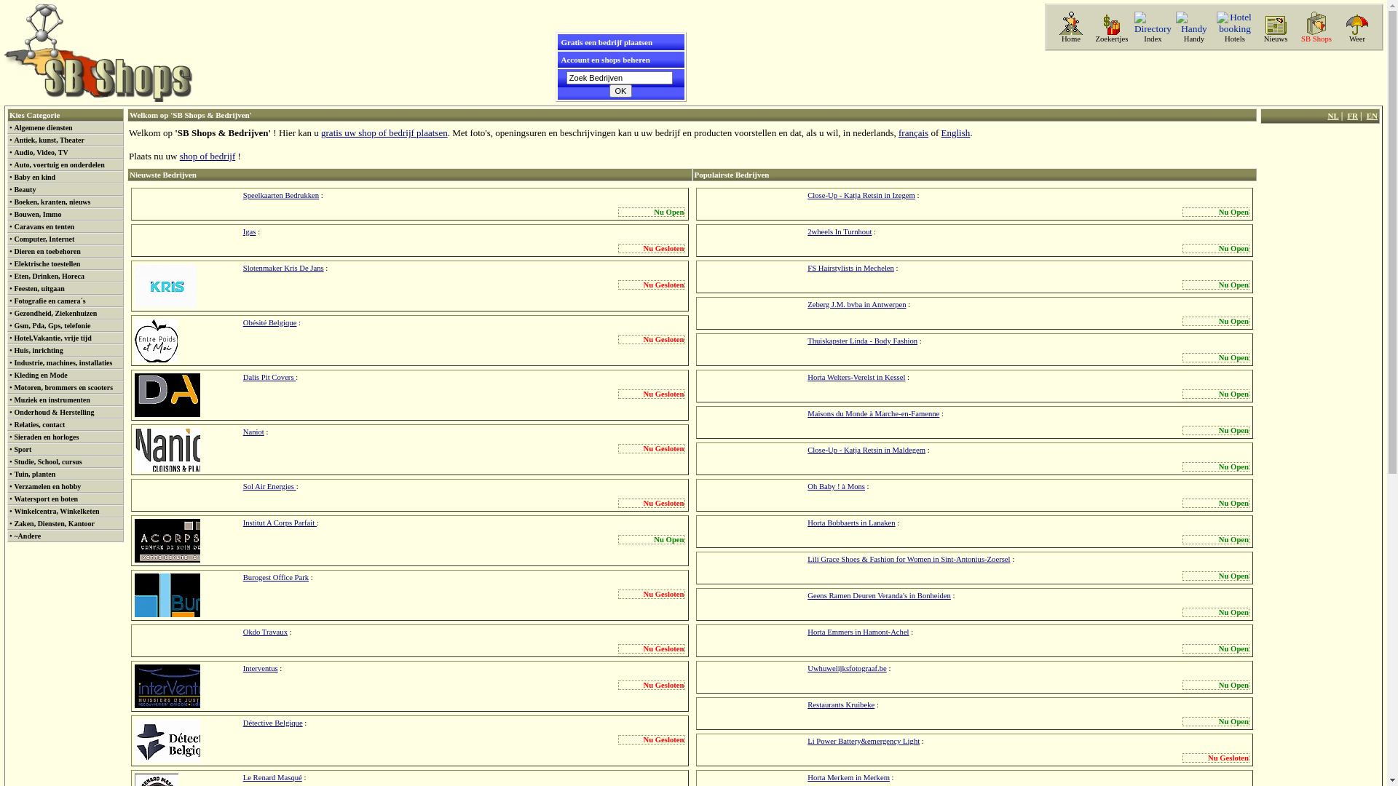  Describe the element at coordinates (861, 194) in the screenshot. I see `'Close-Up - Katja Retsin in Izegem'` at that location.